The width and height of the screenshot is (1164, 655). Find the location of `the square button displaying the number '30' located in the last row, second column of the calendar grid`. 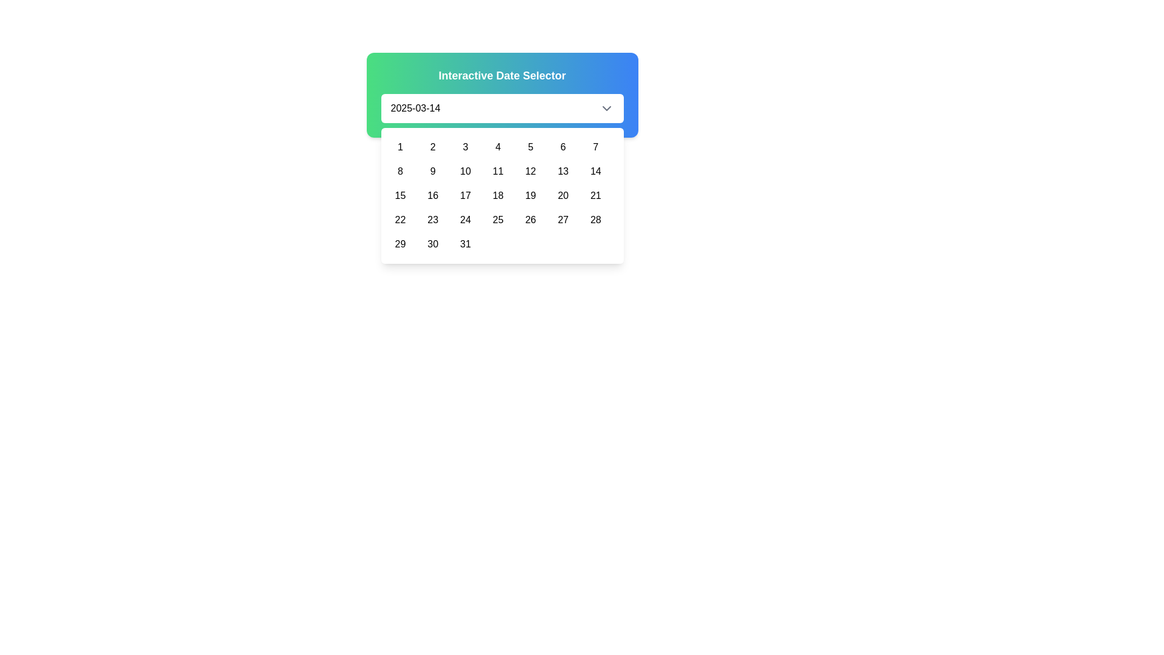

the square button displaying the number '30' located in the last row, second column of the calendar grid is located at coordinates (433, 244).